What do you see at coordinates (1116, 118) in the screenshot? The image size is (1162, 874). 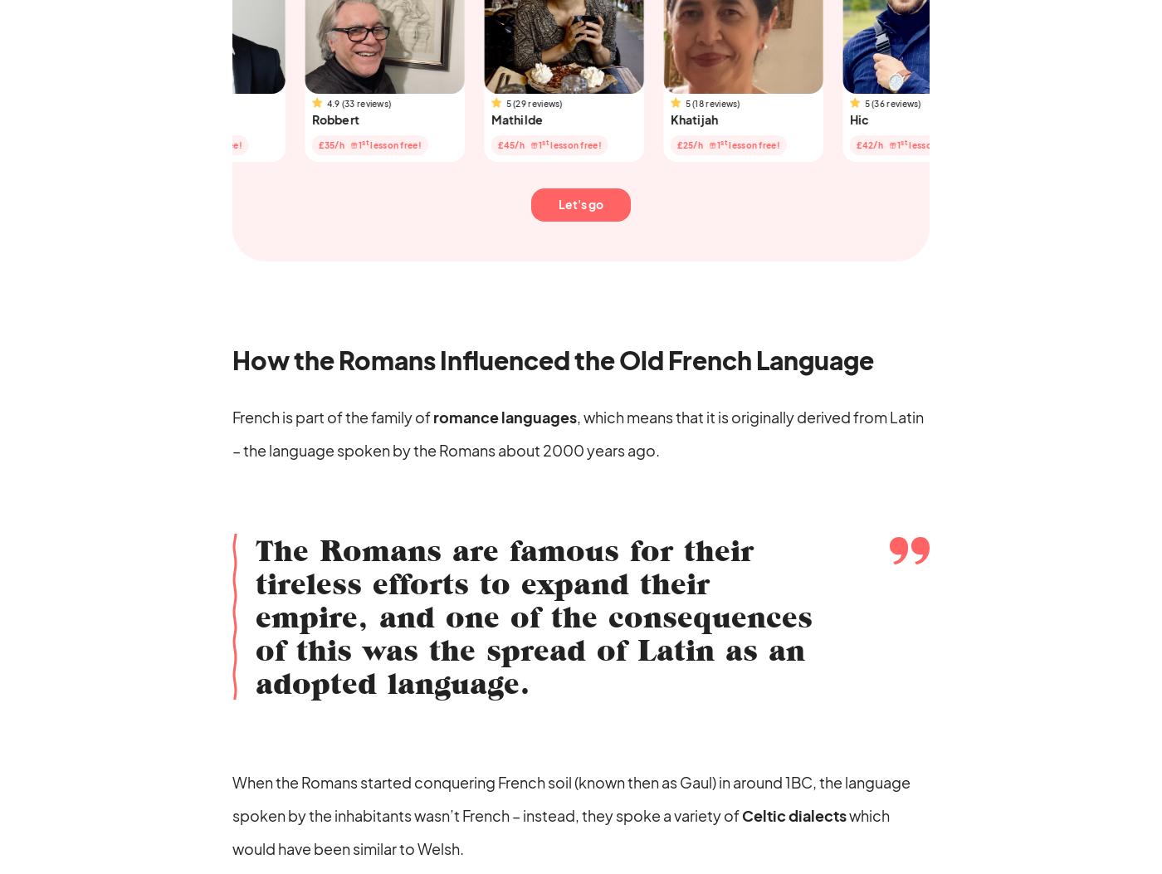 I see `'Maria'` at bounding box center [1116, 118].